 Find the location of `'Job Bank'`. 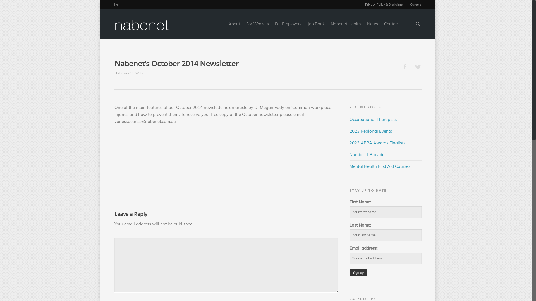

'Job Bank' is located at coordinates (316, 28).